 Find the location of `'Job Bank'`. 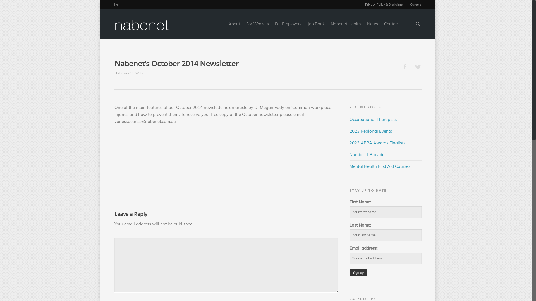

'Job Bank' is located at coordinates (316, 28).